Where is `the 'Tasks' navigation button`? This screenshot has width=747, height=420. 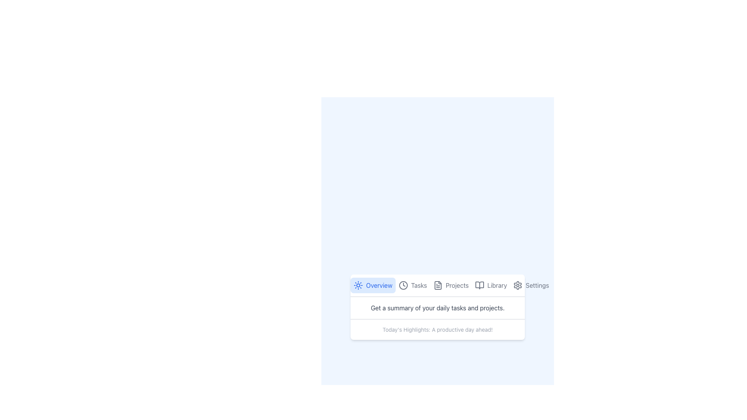 the 'Tasks' navigation button is located at coordinates (412, 285).